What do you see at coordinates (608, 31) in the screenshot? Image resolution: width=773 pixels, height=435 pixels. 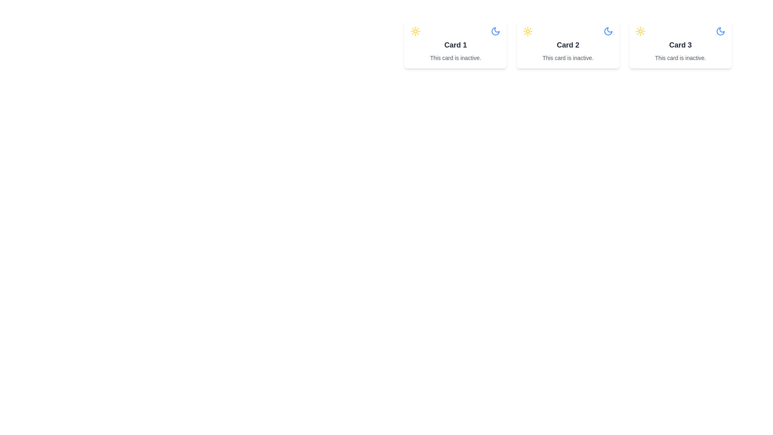 I see `the crescent moon icon representing the night or dark mode feature located at the top right of 'Card 2'` at bounding box center [608, 31].